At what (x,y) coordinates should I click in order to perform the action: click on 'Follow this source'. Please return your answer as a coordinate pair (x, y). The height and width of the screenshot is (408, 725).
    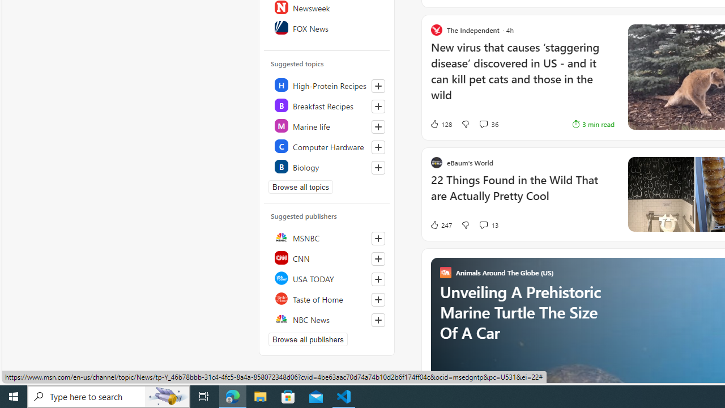
    Looking at the image, I should click on (378, 320).